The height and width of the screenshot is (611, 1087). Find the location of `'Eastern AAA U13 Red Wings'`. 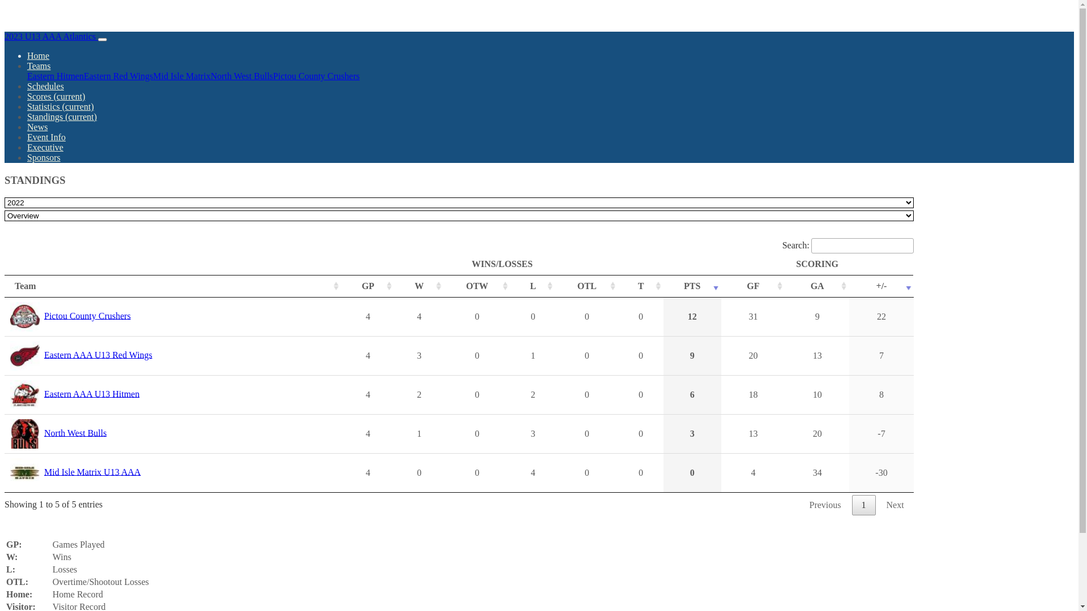

'Eastern AAA U13 Red Wings' is located at coordinates (98, 354).